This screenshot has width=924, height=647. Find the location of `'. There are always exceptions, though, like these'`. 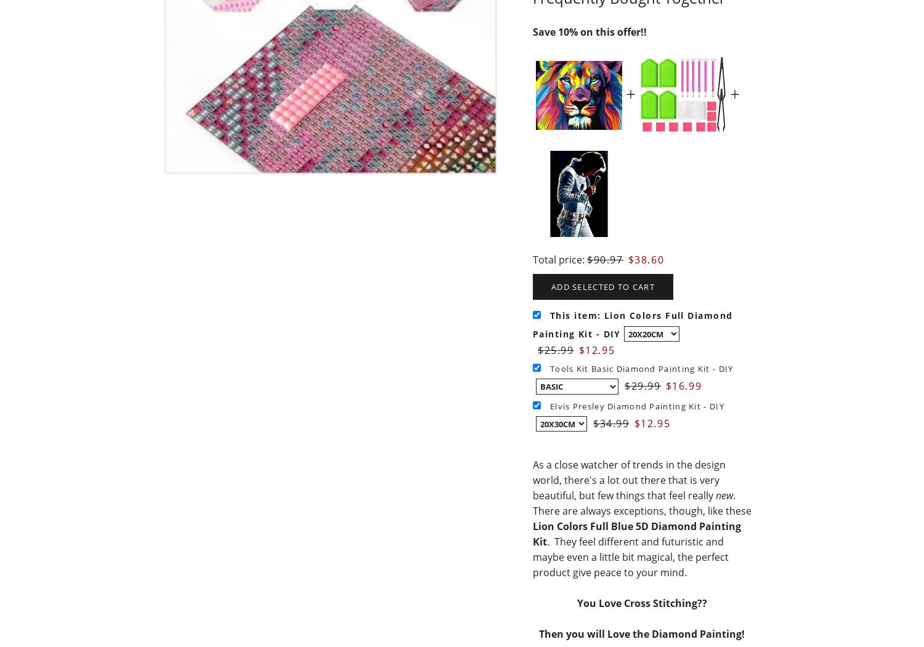

'. There are always exceptions, though, like these' is located at coordinates (641, 503).